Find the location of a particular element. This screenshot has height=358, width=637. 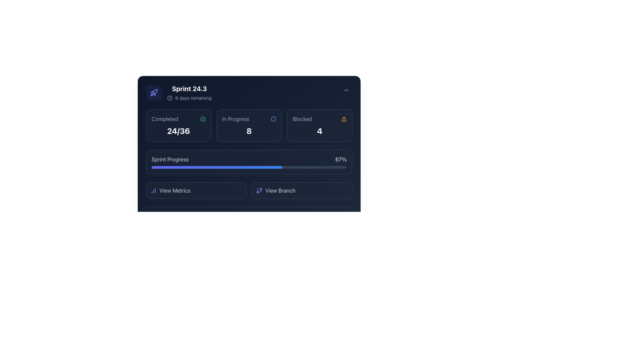

the text label displaying '24/36' in bold sans-serif font, located in the top-left corner of the interface, within the 'Completed' section is located at coordinates (178, 131).